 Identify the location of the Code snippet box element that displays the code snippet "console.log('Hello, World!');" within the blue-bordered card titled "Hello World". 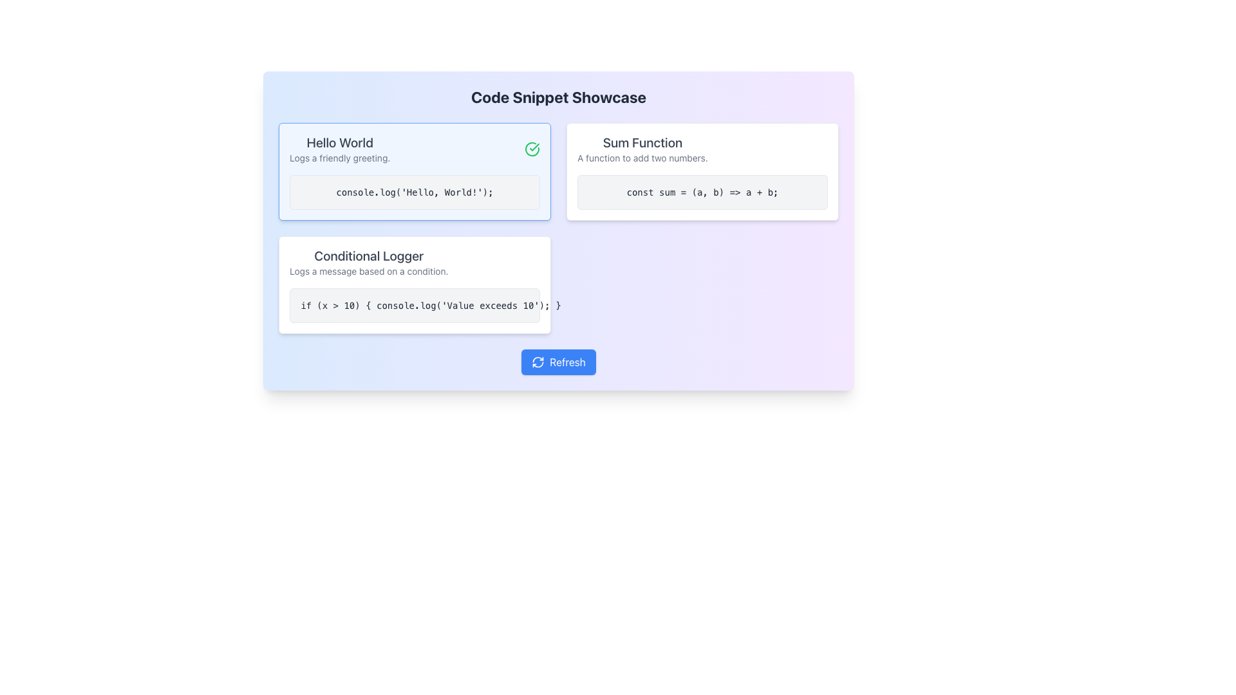
(415, 192).